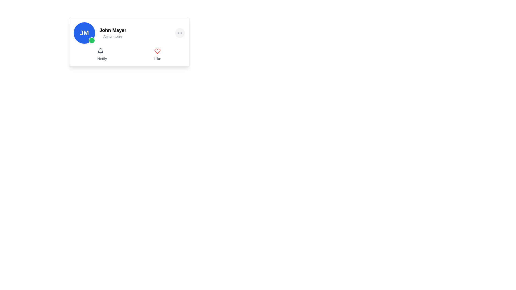 The image size is (516, 290). I want to click on the bell icon representing the notification feature, so click(101, 51).